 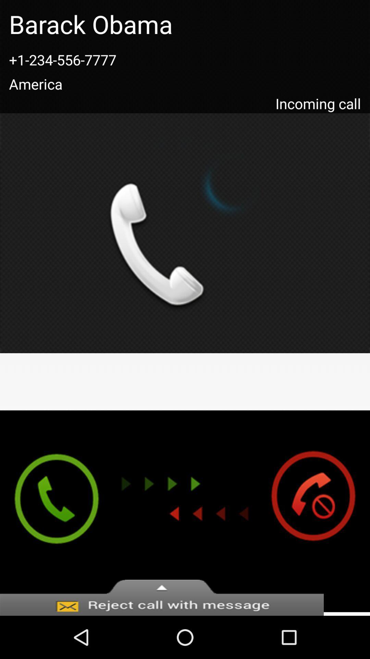 I want to click on answer the call, so click(x=50, y=511).